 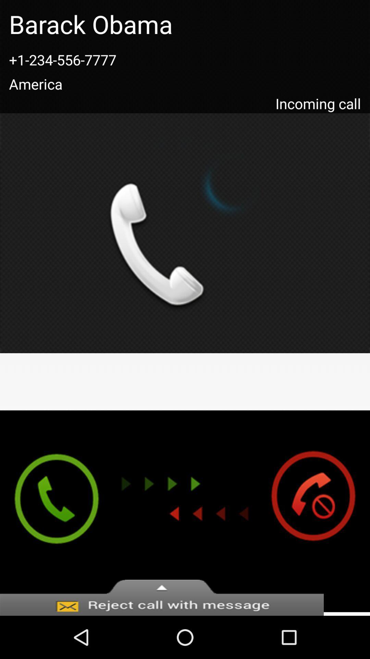 I want to click on answer the call, so click(x=50, y=511).